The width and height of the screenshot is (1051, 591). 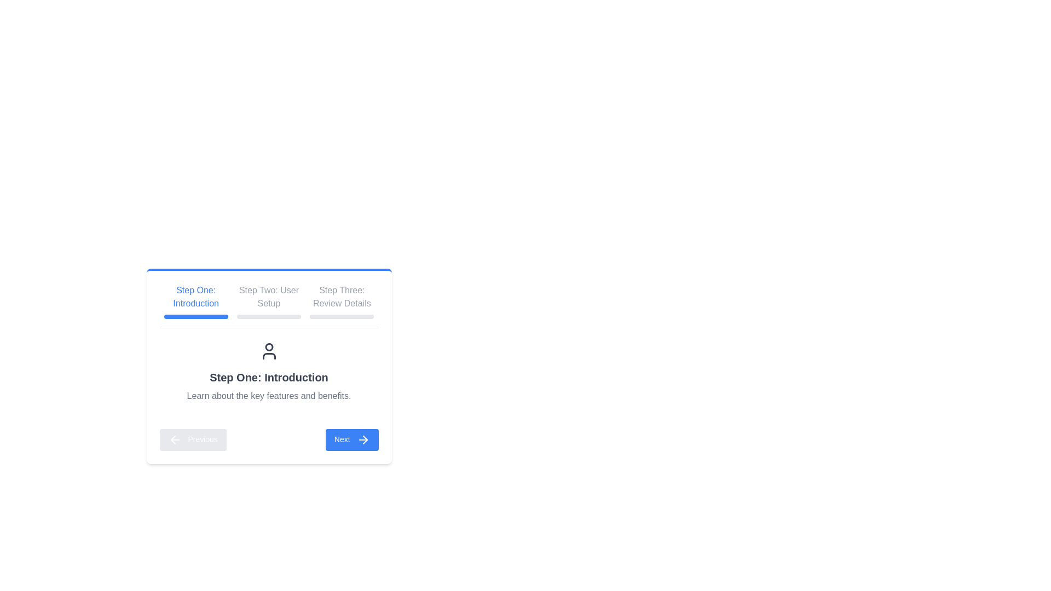 I want to click on the Informational section located in the 'Step One' section of the panel layout, which is positioned beneath the step navigation header and above the navigation buttons for 'Previous' and 'Next', so click(x=269, y=371).